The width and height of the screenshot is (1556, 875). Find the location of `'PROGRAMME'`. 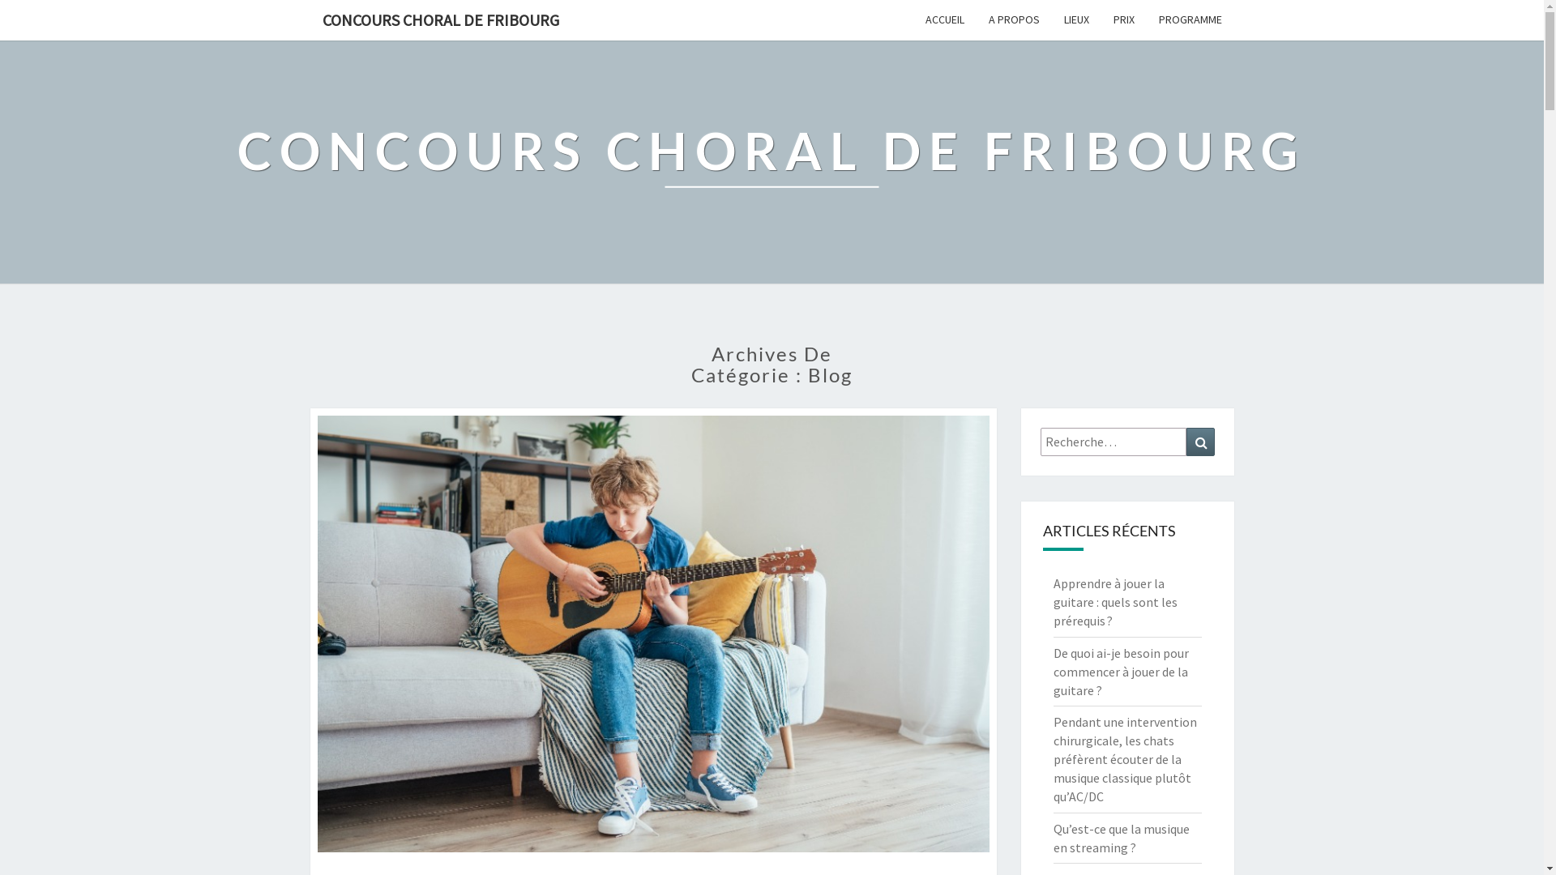

'PROGRAMME' is located at coordinates (1145, 19).